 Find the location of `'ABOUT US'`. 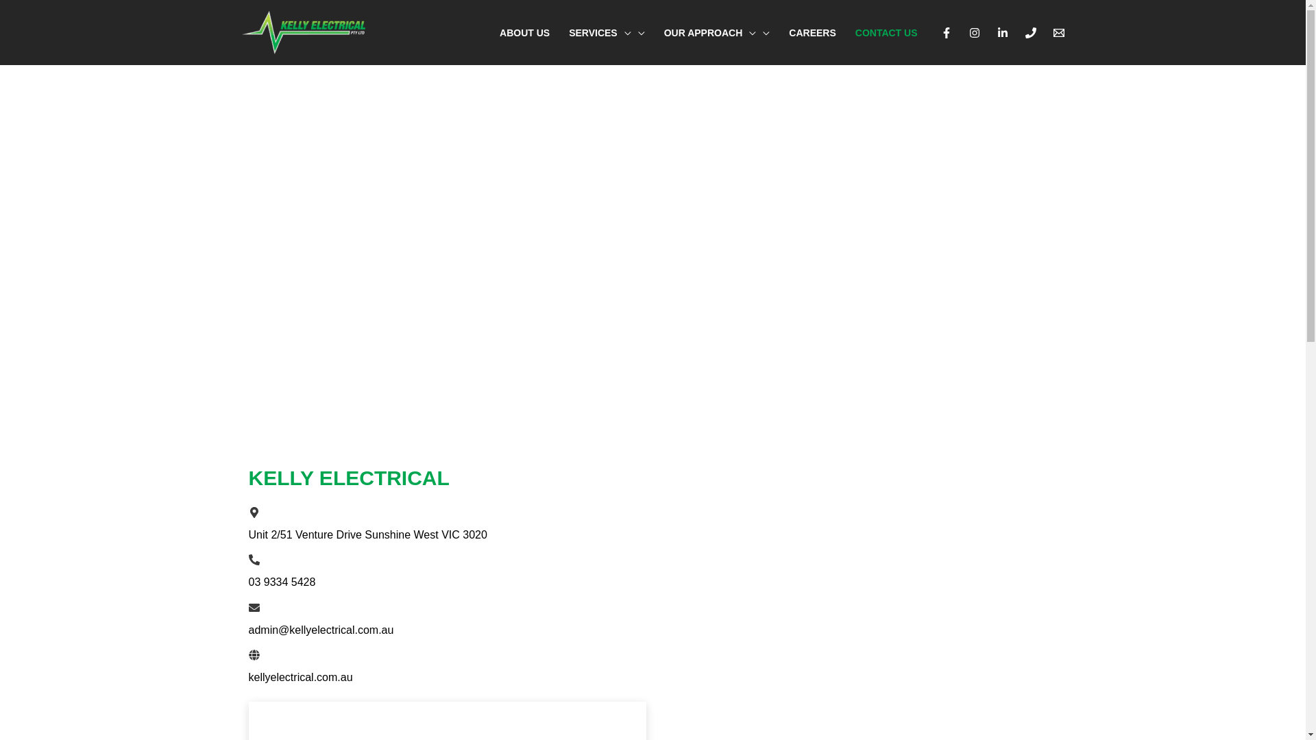

'ABOUT US' is located at coordinates (490, 32).